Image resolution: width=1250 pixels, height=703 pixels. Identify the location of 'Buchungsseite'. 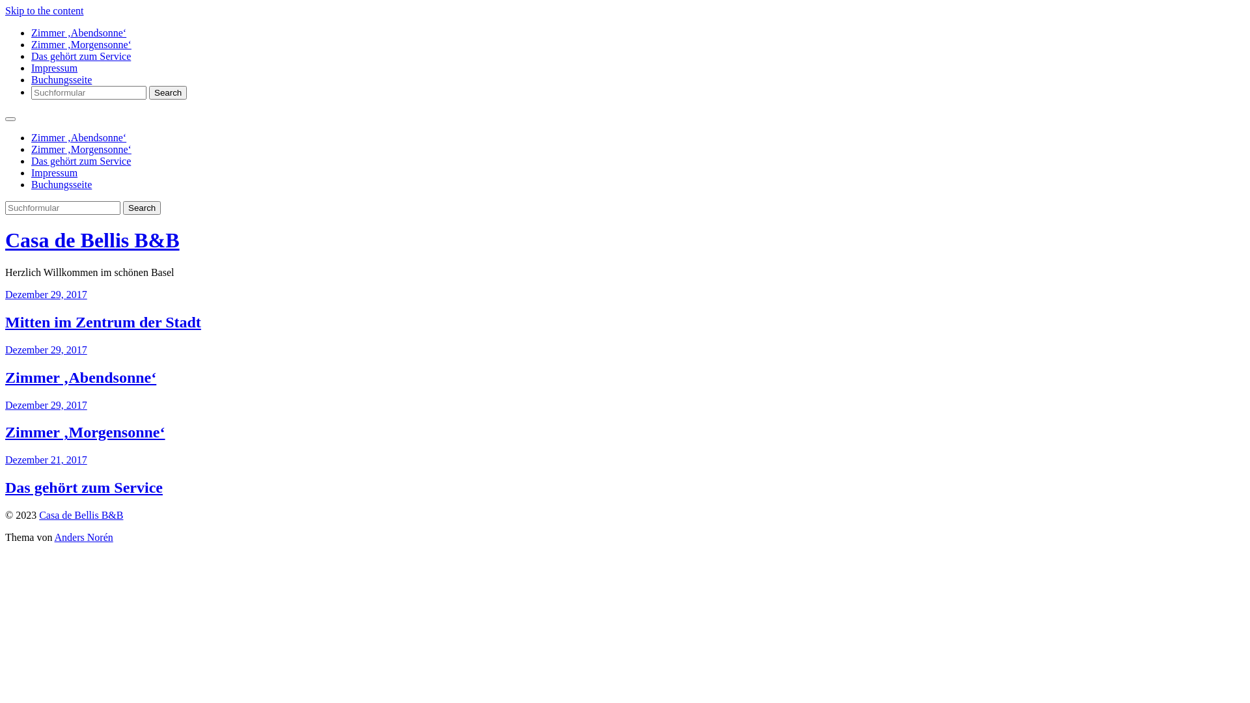
(61, 184).